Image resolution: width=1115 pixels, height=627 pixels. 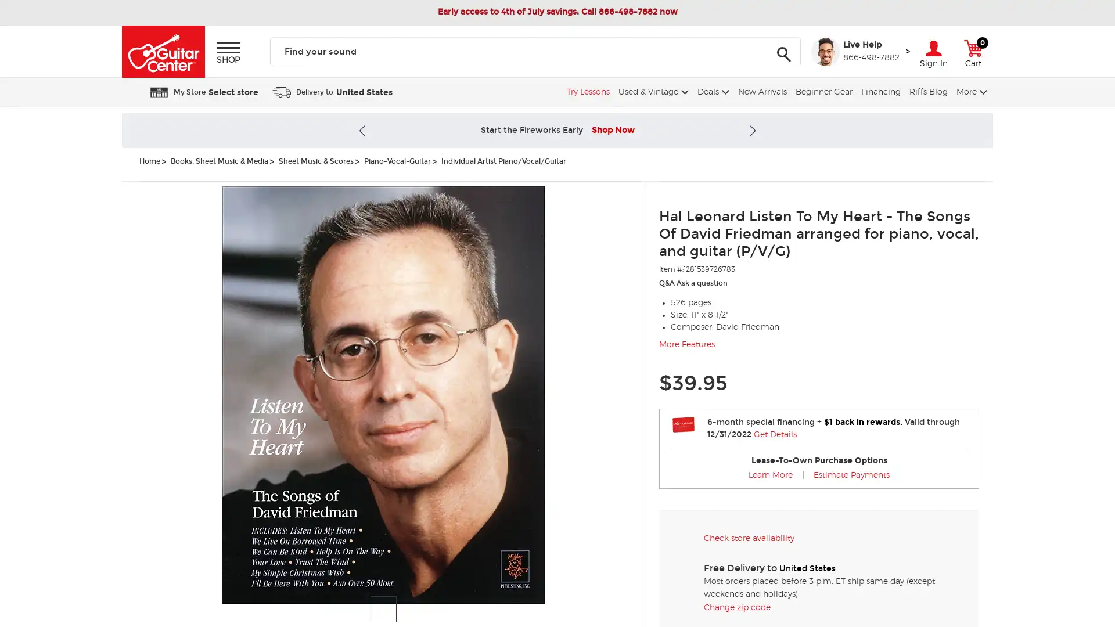 I want to click on SHOP, so click(x=228, y=53).